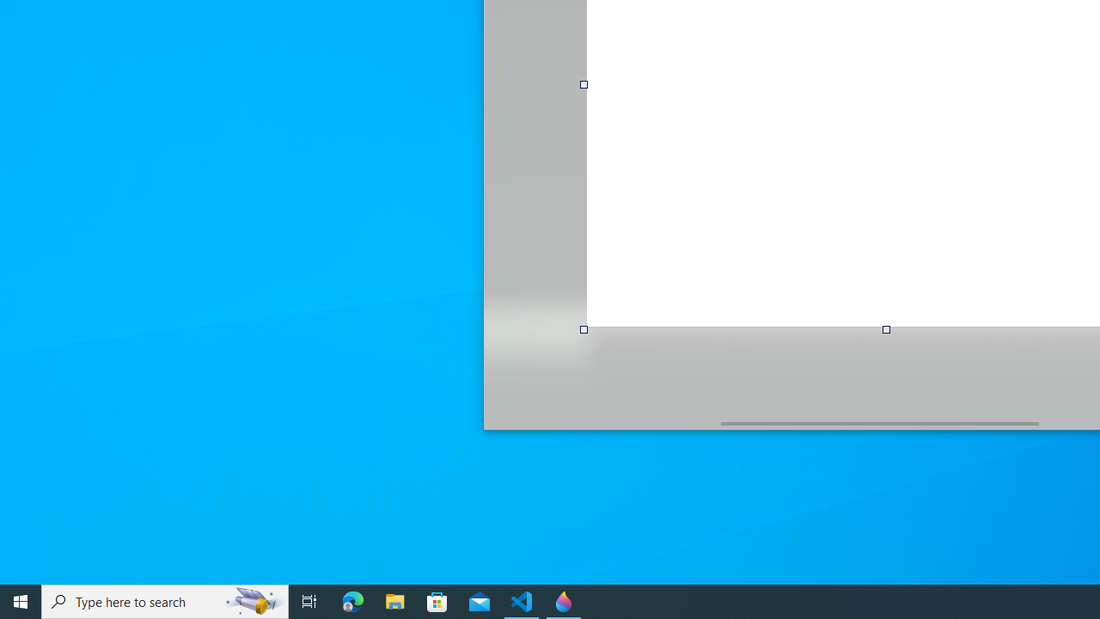  I want to click on 'Microsoft Edge', so click(352, 600).